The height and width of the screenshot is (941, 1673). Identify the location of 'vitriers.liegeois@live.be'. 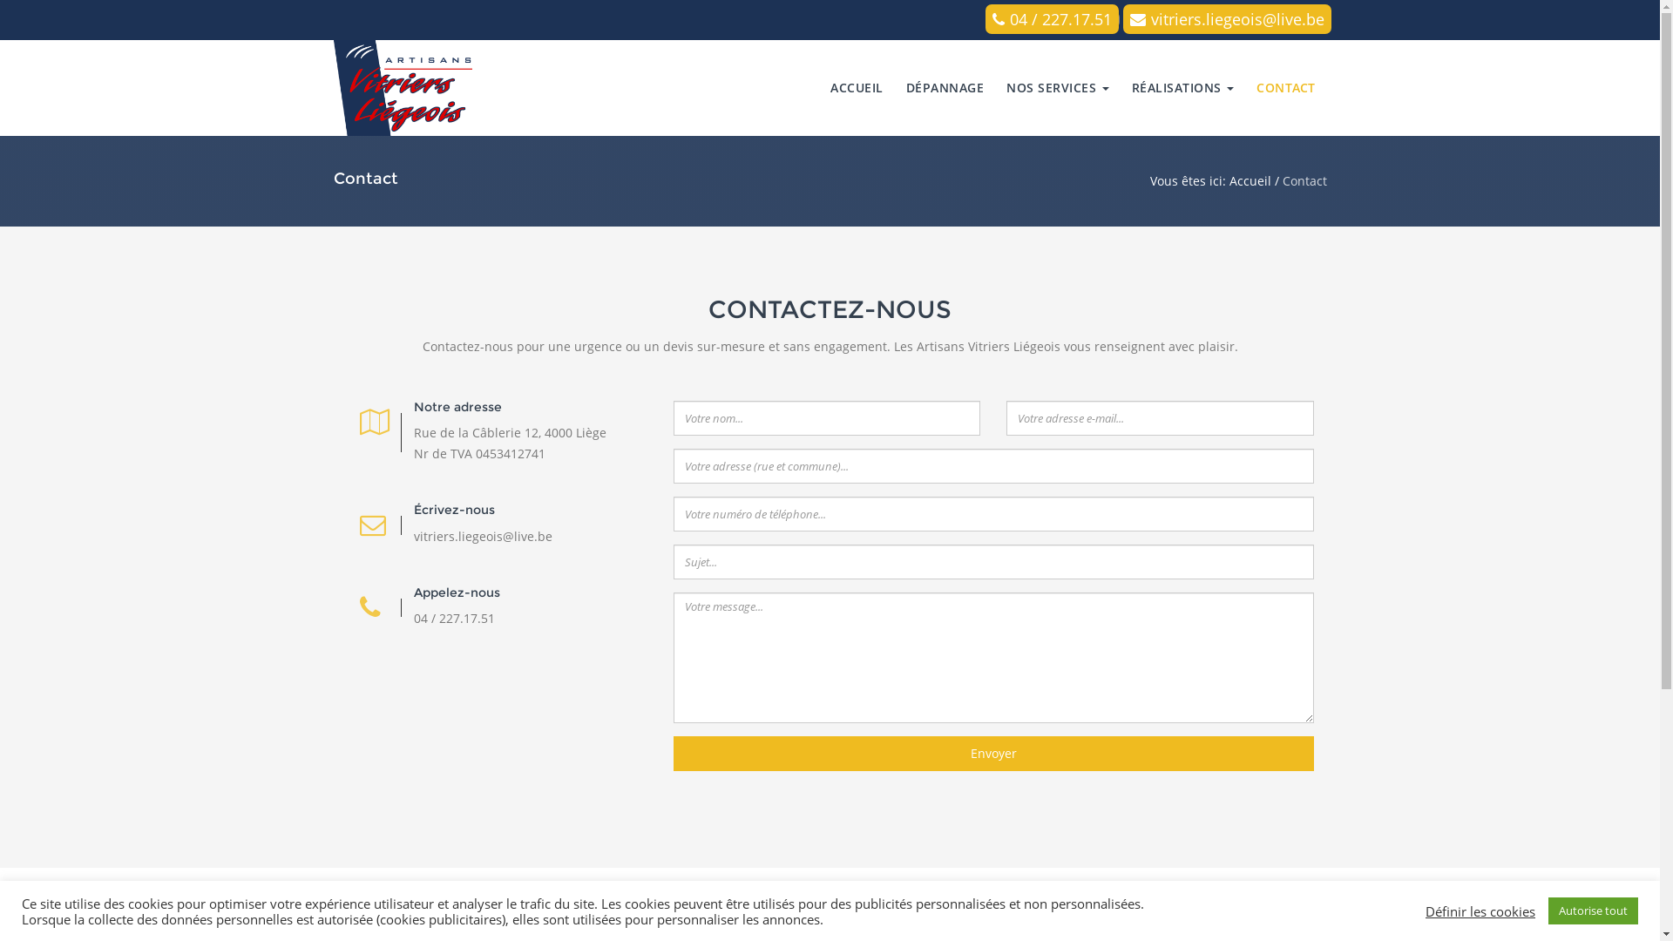
(1121, 19).